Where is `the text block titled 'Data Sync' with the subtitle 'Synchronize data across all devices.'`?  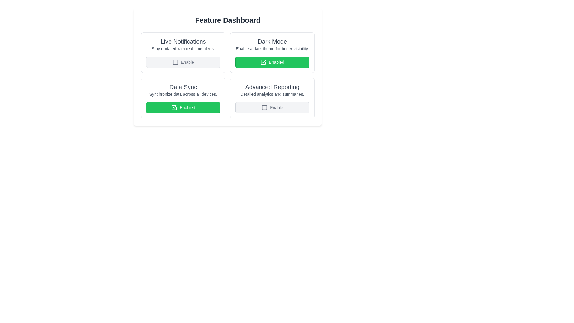 the text block titled 'Data Sync' with the subtitle 'Synchronize data across all devices.' is located at coordinates (183, 90).